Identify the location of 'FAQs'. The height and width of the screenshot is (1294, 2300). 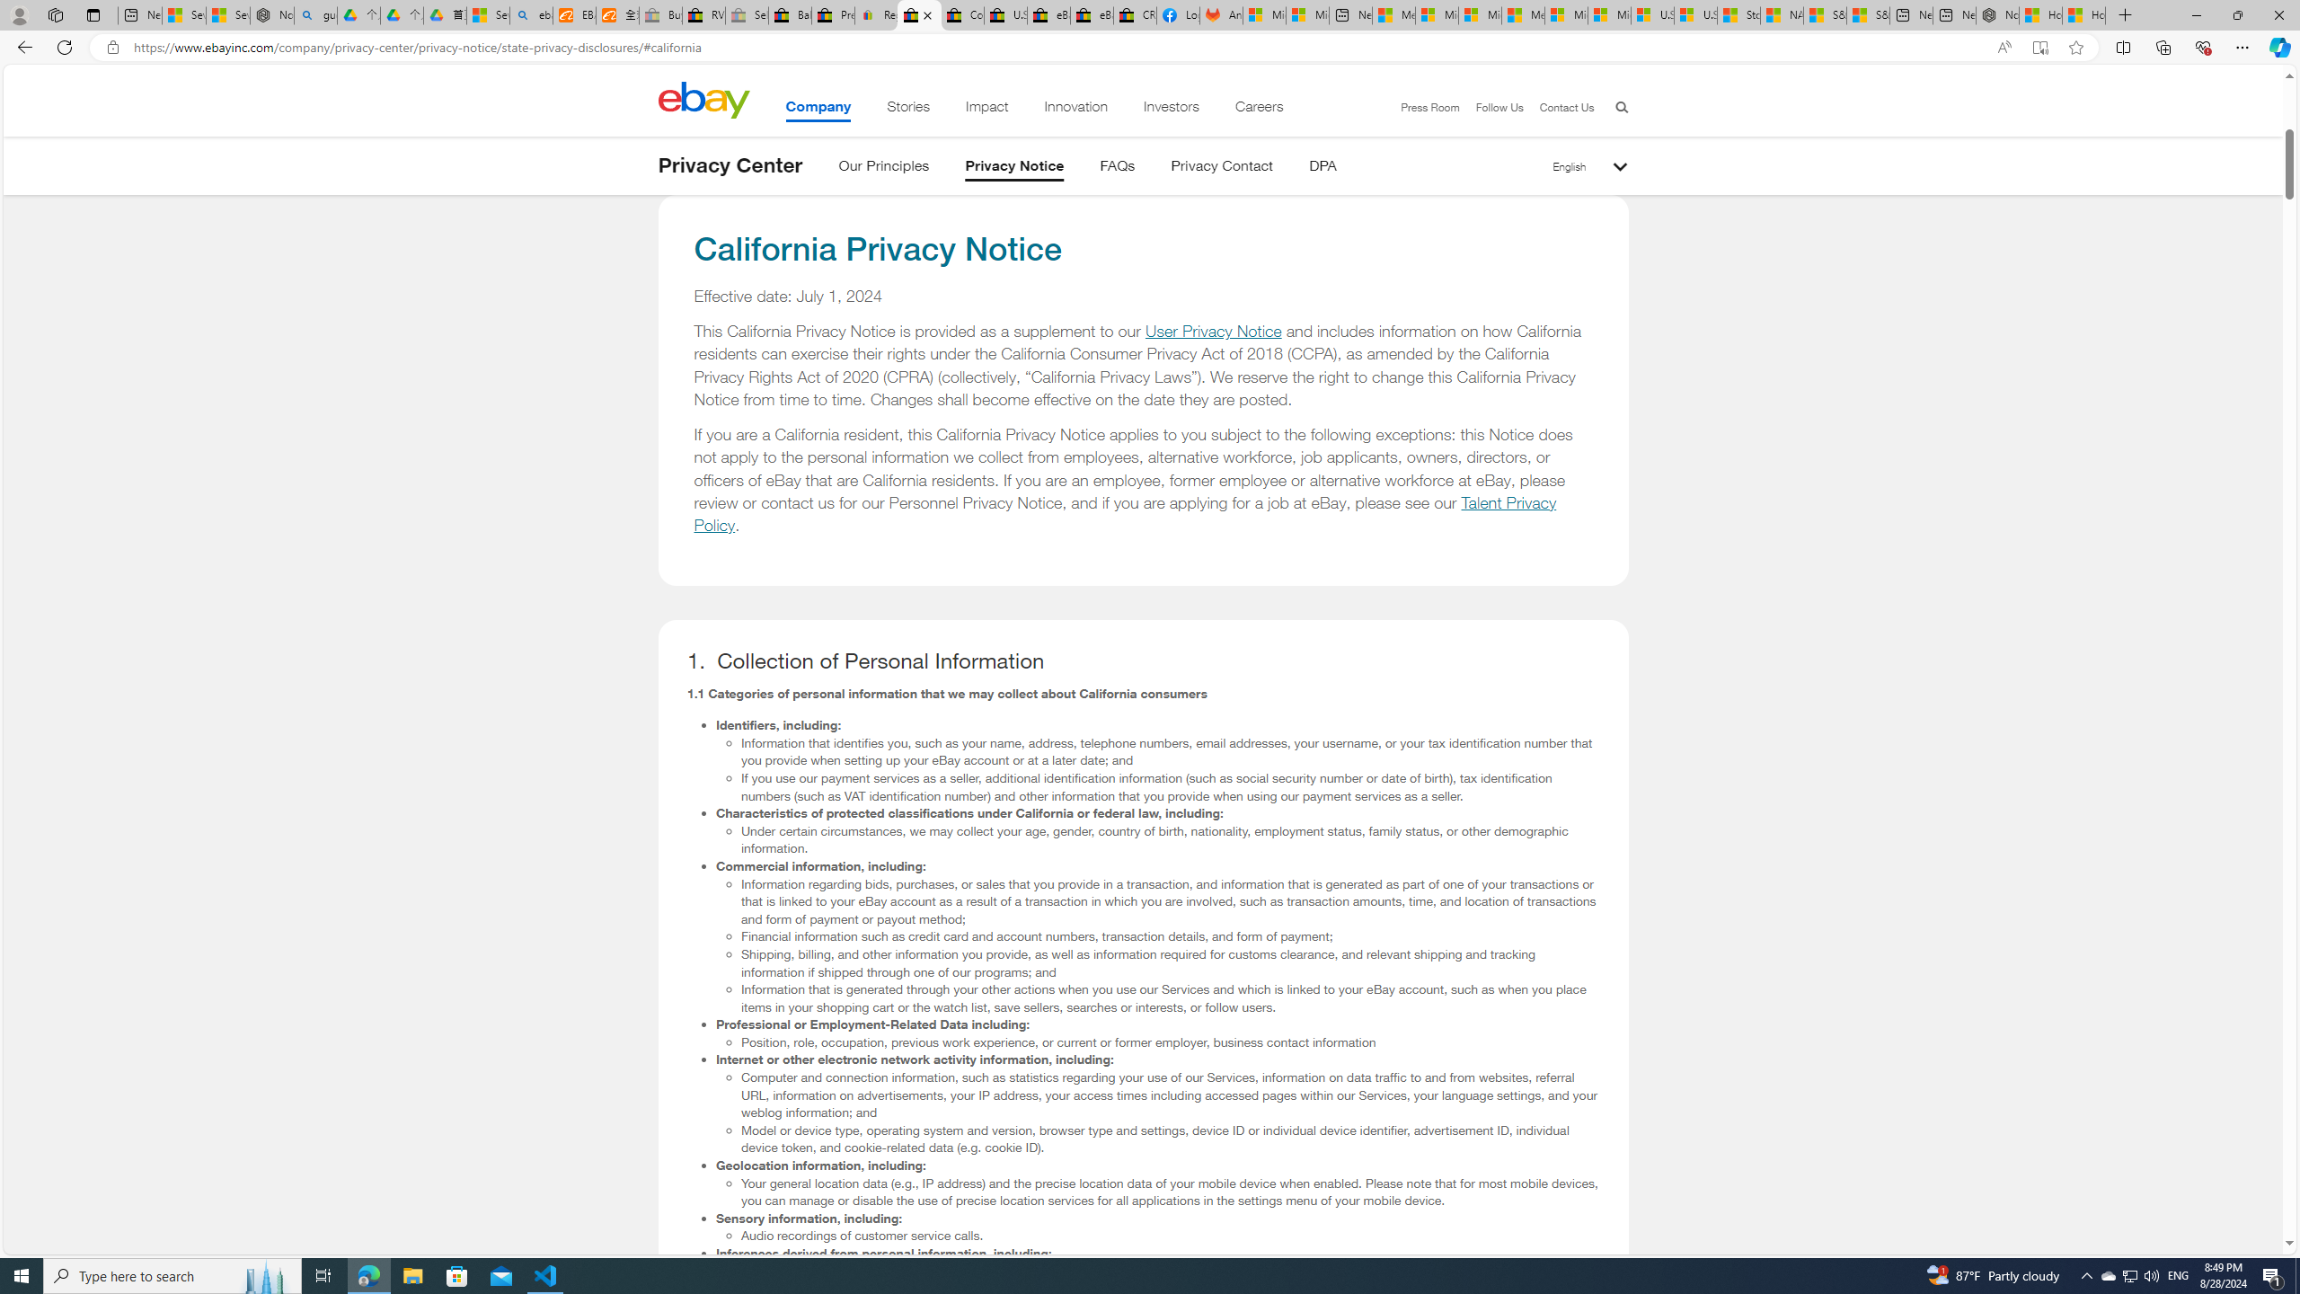
(1117, 168).